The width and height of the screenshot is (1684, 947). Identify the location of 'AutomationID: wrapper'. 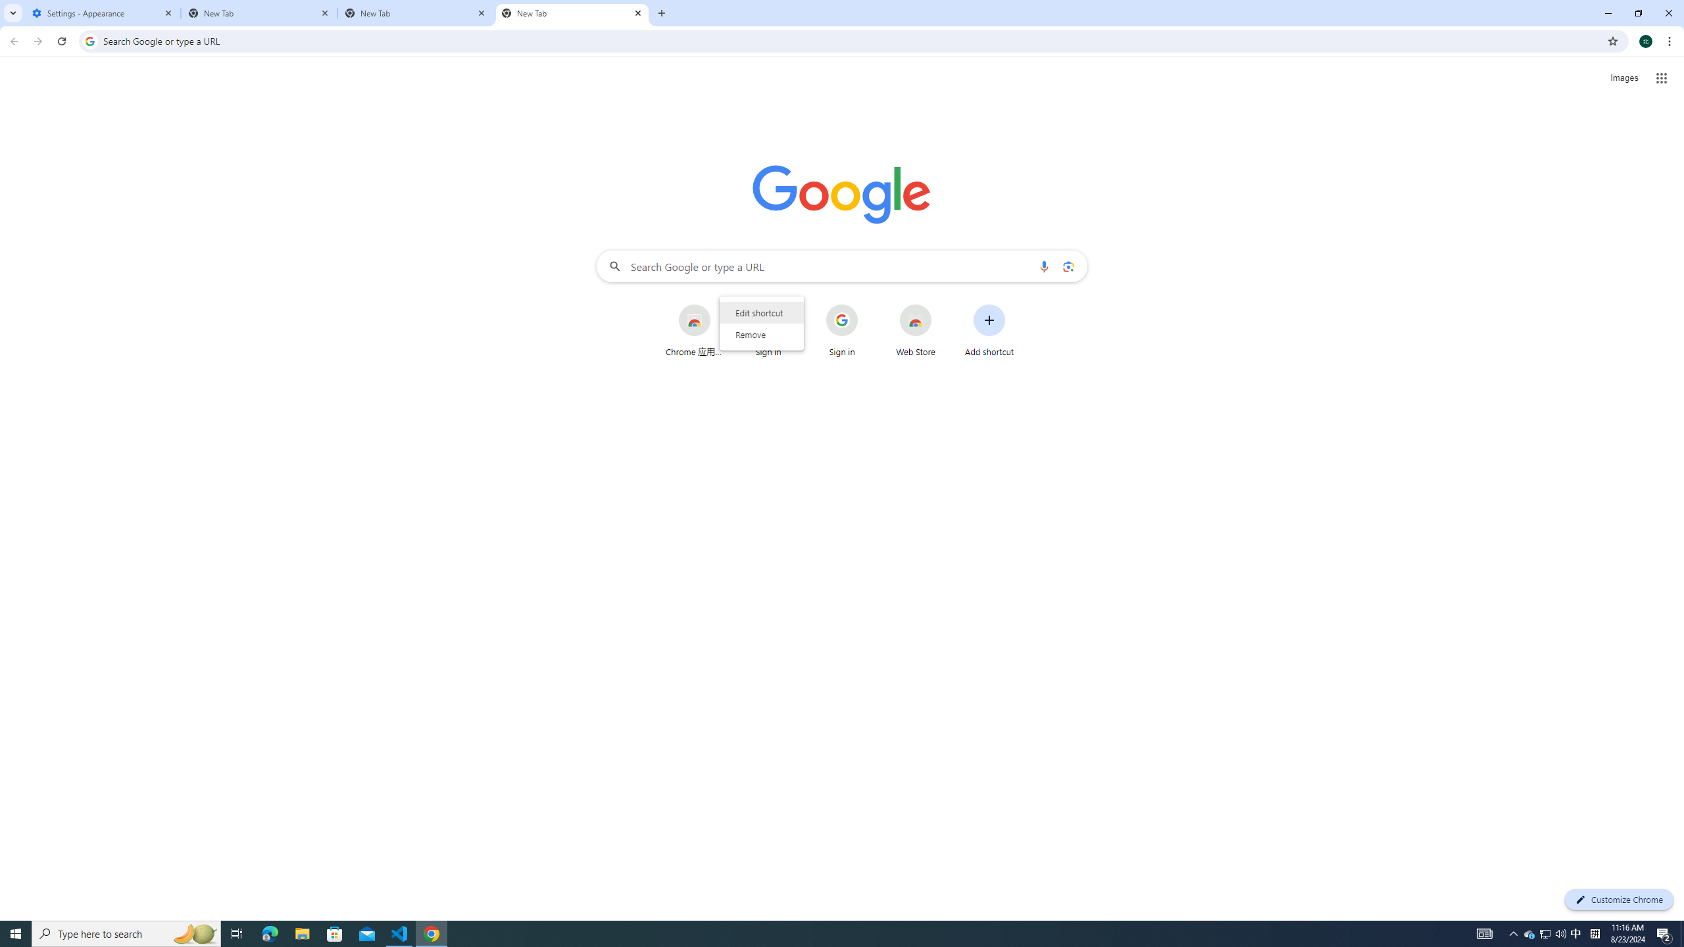
(761, 322).